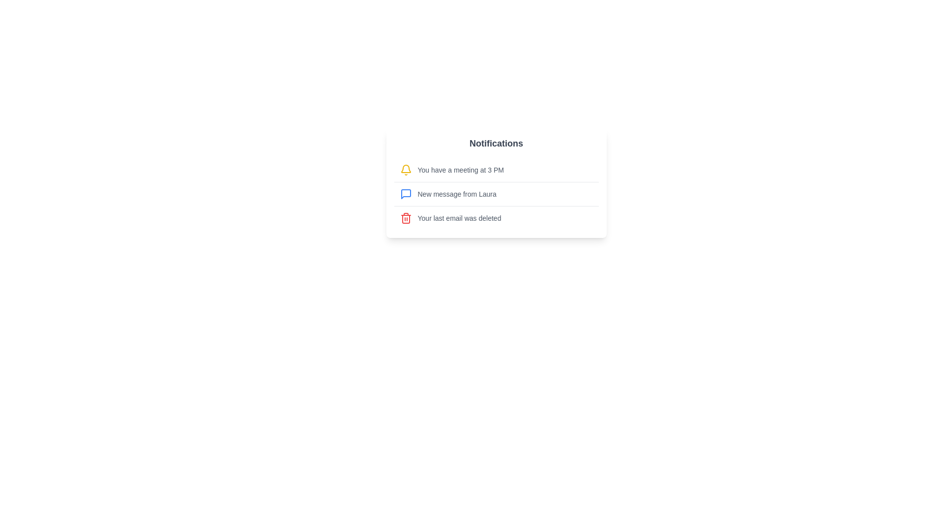 This screenshot has height=531, width=944. I want to click on the messaging notification icon located to the left of the text 'New message from Laura', so click(406, 194).